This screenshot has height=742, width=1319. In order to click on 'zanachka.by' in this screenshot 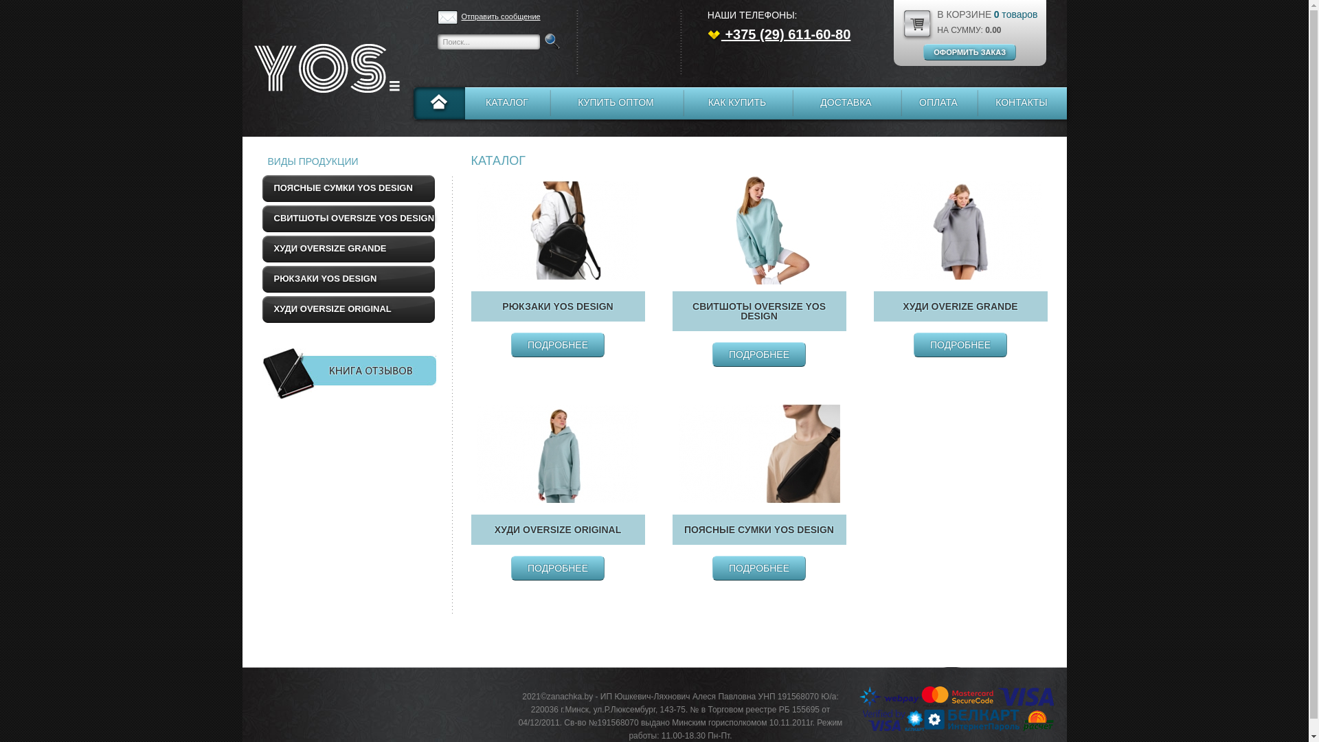, I will do `click(241, 68)`.